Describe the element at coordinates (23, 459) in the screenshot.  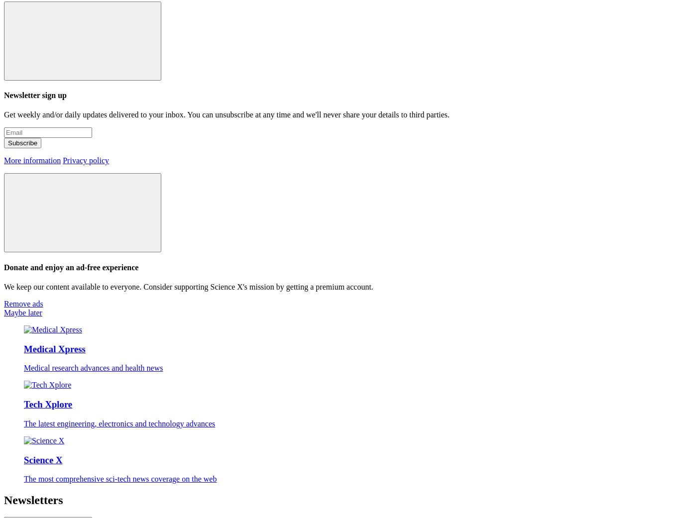
I see `'Science X'` at that location.